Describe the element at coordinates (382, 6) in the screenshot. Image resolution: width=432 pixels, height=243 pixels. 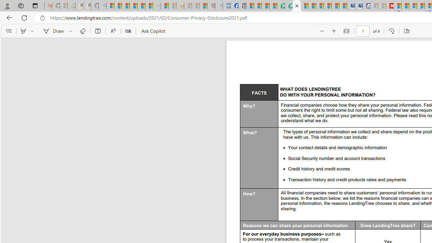
I see `'Microsoft Start - Sleeping'` at that location.